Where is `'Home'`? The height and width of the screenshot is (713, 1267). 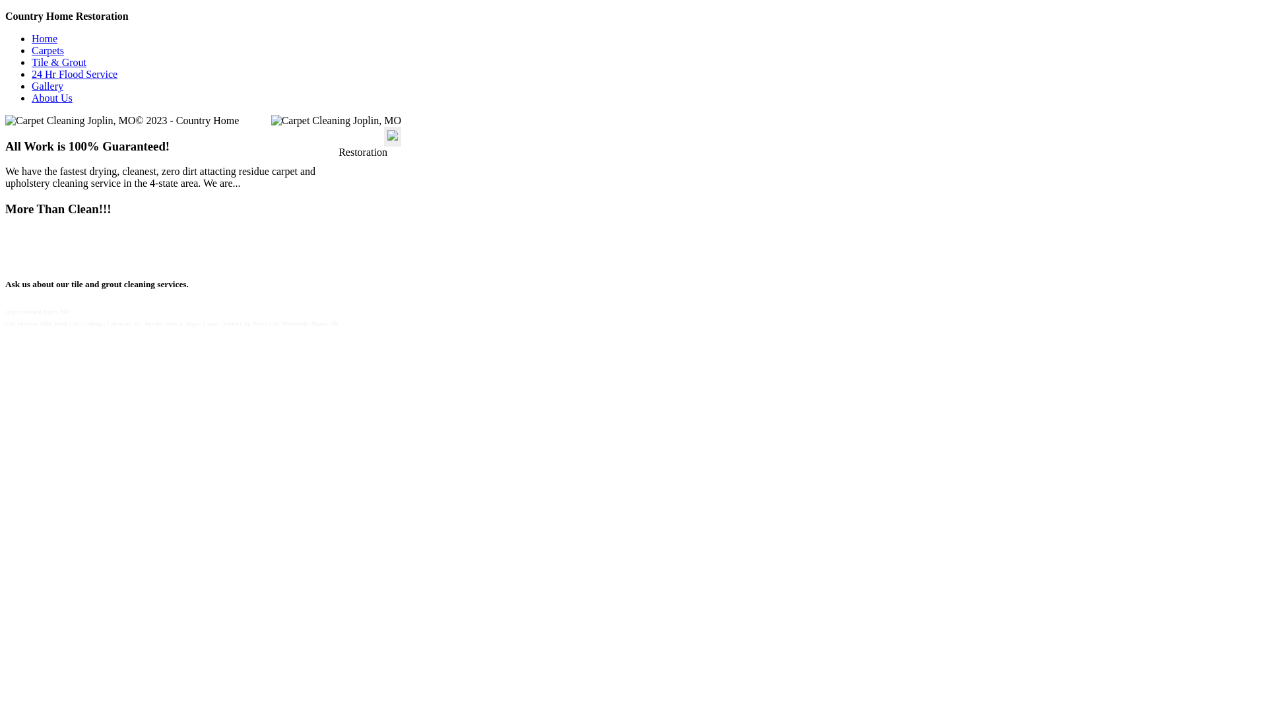
'Home' is located at coordinates (32, 38).